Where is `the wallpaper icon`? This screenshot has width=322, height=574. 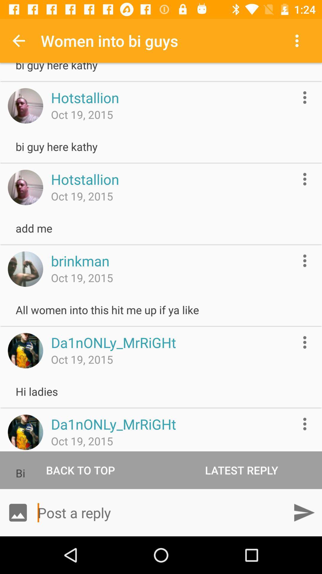
the wallpaper icon is located at coordinates (18, 512).